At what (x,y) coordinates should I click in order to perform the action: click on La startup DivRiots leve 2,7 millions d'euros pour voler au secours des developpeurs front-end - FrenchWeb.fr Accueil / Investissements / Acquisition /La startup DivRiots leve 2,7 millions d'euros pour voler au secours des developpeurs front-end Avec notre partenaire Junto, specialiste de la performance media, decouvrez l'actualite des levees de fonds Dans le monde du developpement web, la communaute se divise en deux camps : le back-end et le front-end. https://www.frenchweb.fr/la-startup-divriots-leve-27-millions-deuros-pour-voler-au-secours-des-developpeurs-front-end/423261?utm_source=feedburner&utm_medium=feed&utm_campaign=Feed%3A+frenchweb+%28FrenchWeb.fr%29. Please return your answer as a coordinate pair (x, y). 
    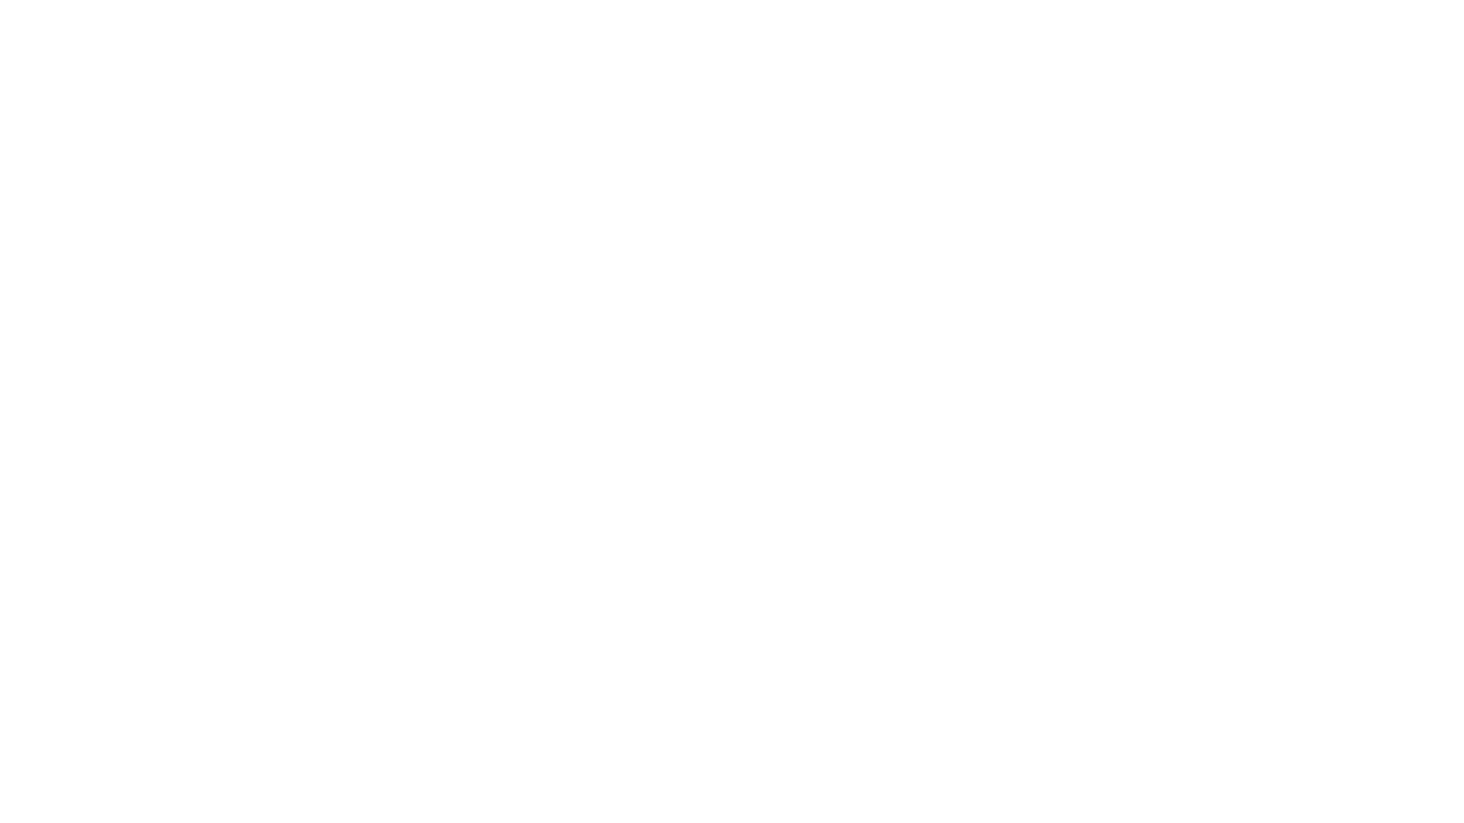
    Looking at the image, I should click on (732, 370).